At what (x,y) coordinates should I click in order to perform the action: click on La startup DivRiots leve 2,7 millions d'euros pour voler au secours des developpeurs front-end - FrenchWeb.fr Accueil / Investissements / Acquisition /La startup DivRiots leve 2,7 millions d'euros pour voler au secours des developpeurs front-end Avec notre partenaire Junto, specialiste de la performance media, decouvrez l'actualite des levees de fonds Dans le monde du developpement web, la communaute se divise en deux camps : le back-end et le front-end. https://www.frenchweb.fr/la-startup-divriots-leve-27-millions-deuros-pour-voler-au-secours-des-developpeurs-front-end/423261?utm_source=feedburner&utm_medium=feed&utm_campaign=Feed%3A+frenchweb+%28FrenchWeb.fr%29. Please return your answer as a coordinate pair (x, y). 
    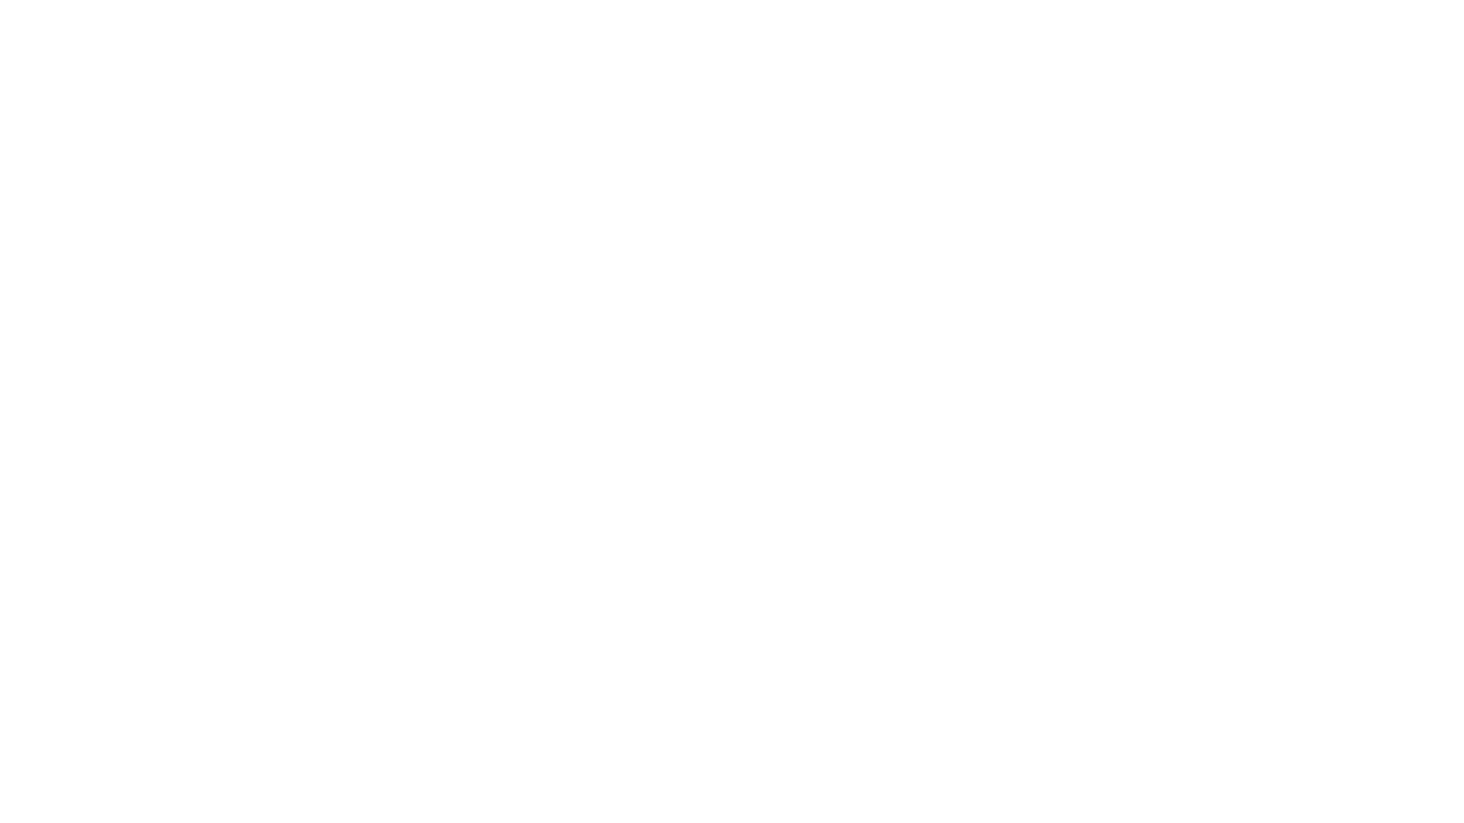
    Looking at the image, I should click on (732, 370).